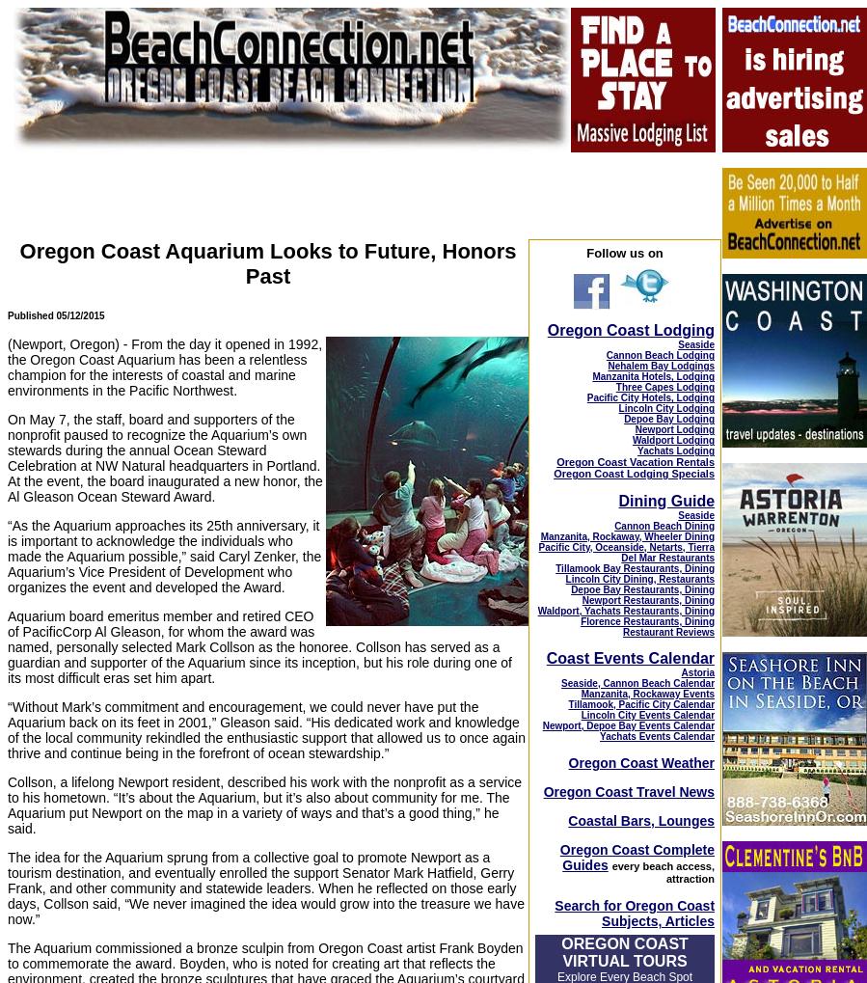  What do you see at coordinates (634, 461) in the screenshot?
I see `'Oregon 
                    Coast Vacation Rentals'` at bounding box center [634, 461].